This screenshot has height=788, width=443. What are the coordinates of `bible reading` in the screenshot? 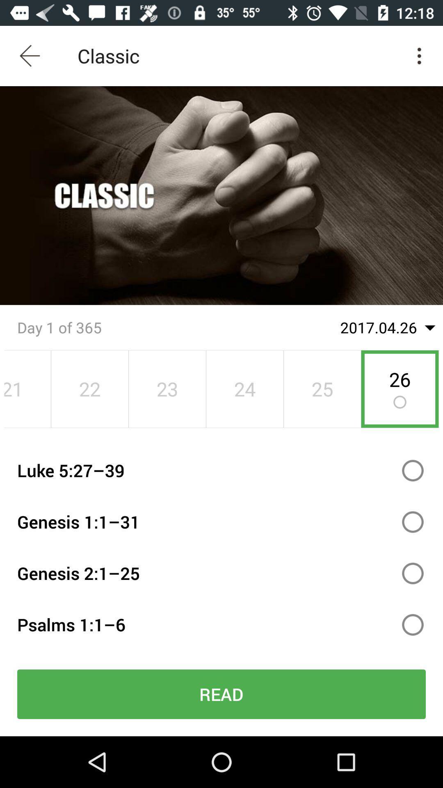 It's located at (413, 624).